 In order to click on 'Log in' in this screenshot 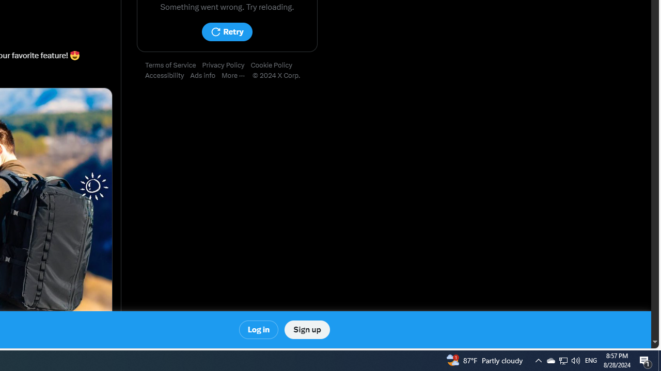, I will do `click(259, 330)`.